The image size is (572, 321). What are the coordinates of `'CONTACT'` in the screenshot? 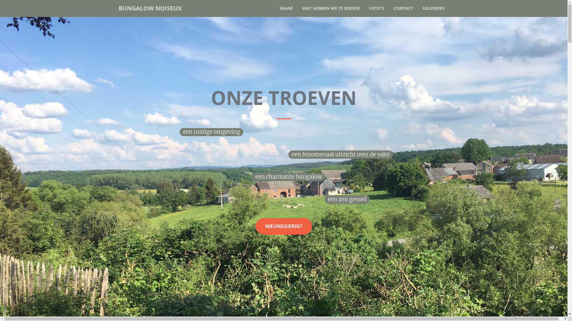 It's located at (403, 8).